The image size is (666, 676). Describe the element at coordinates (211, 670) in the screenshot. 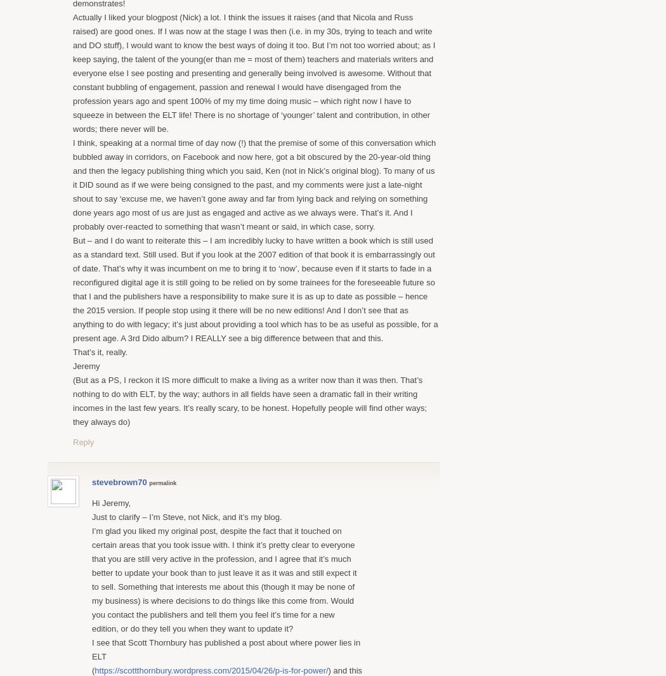

I see `'https://scottthornbury.wordpress.com/2015/04/26/p-is-for-power/'` at that location.